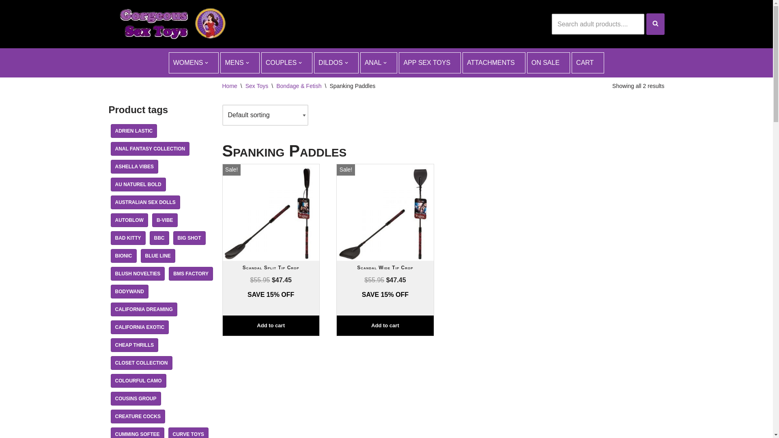  Describe the element at coordinates (110, 380) in the screenshot. I see `'COLOURFUL CAMO'` at that location.